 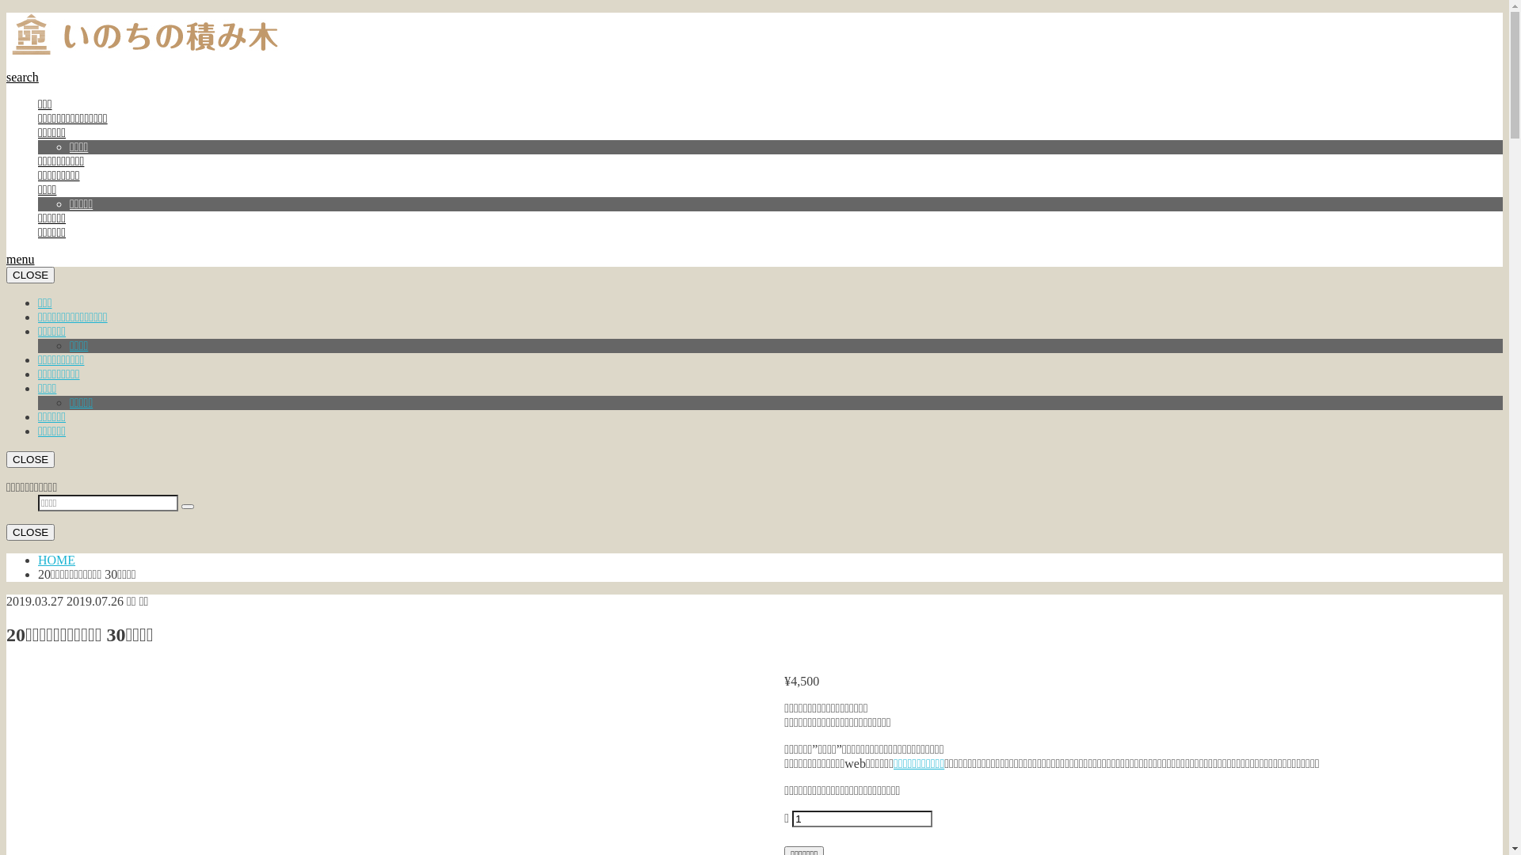 What do you see at coordinates (30, 274) in the screenshot?
I see `'CLOSE'` at bounding box center [30, 274].